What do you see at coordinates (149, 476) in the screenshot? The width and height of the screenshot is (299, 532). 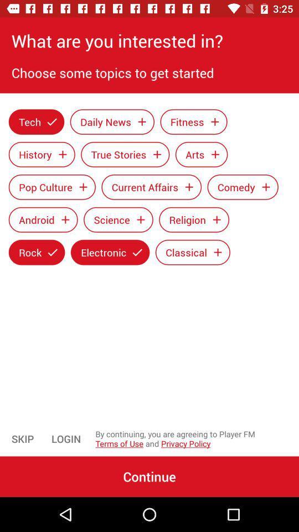 I see `continue icon` at bounding box center [149, 476].